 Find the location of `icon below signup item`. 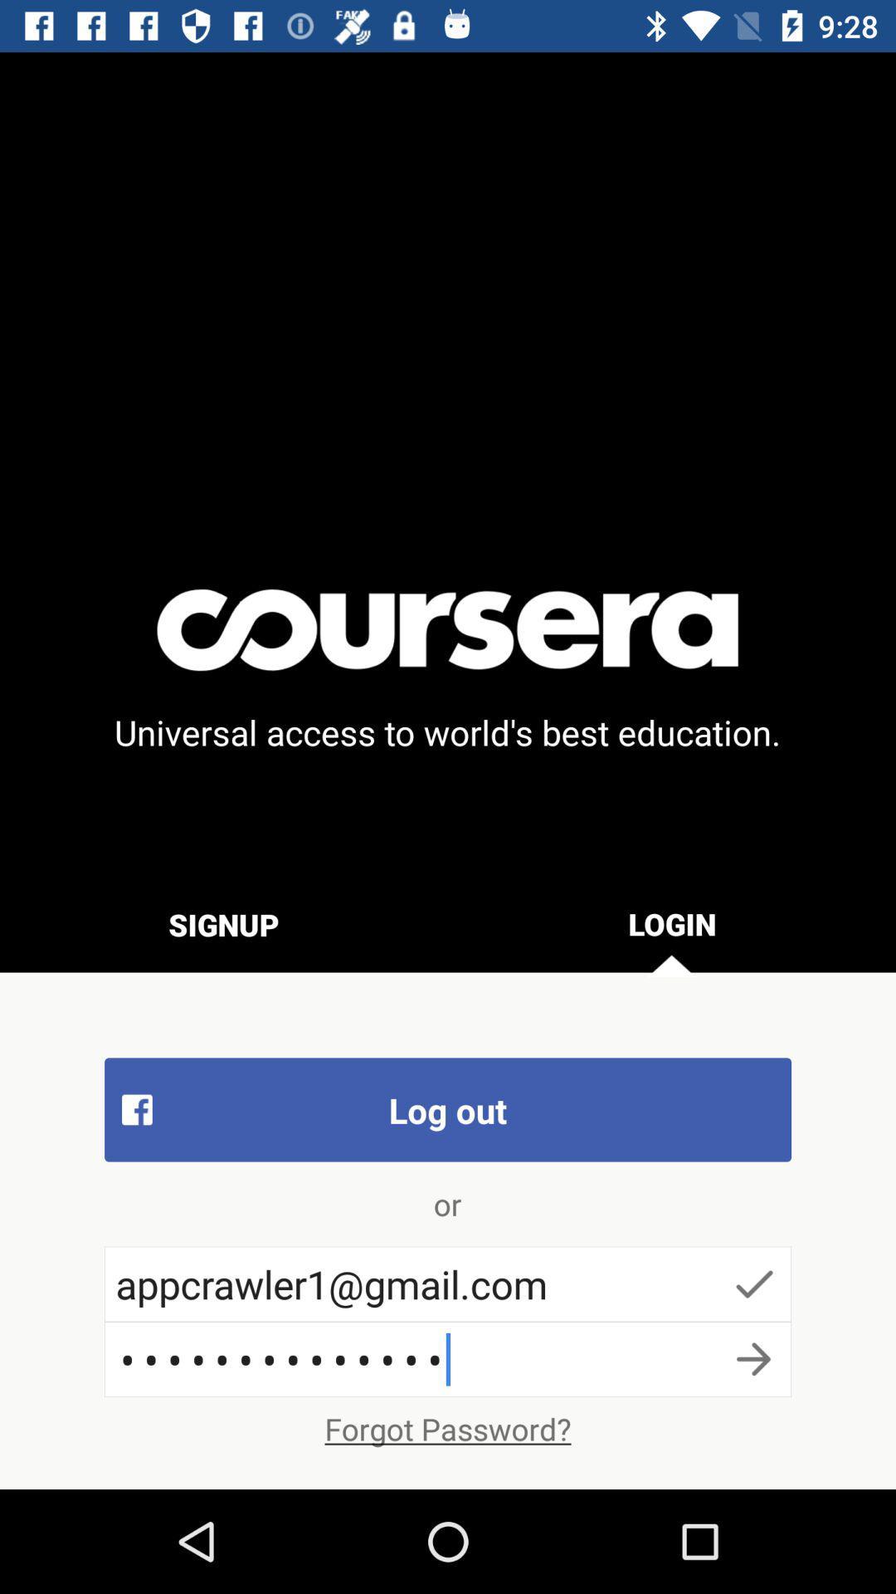

icon below signup item is located at coordinates (448, 1109).